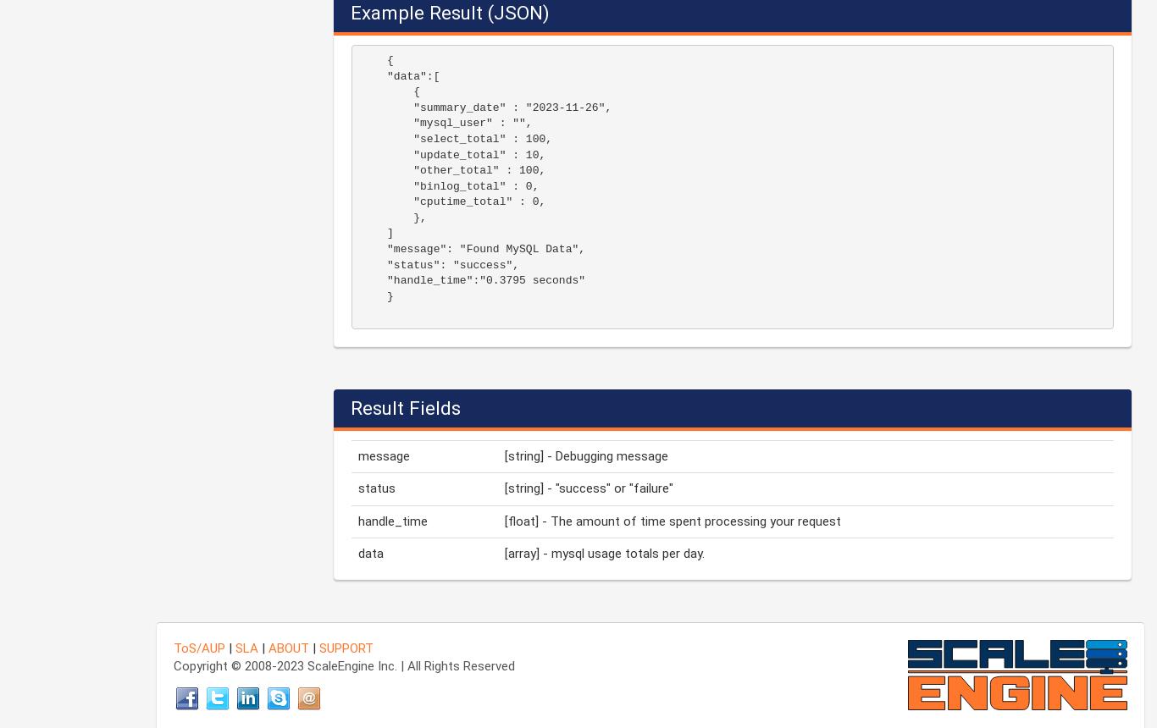  Describe the element at coordinates (585, 455) in the screenshot. I see `'[string] - Debugging message'` at that location.